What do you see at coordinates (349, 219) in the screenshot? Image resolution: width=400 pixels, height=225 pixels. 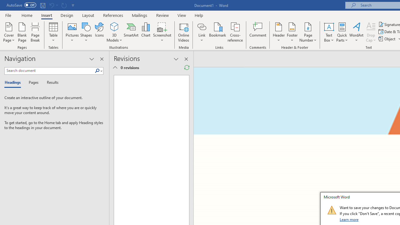 I see `'Learn more'` at bounding box center [349, 219].